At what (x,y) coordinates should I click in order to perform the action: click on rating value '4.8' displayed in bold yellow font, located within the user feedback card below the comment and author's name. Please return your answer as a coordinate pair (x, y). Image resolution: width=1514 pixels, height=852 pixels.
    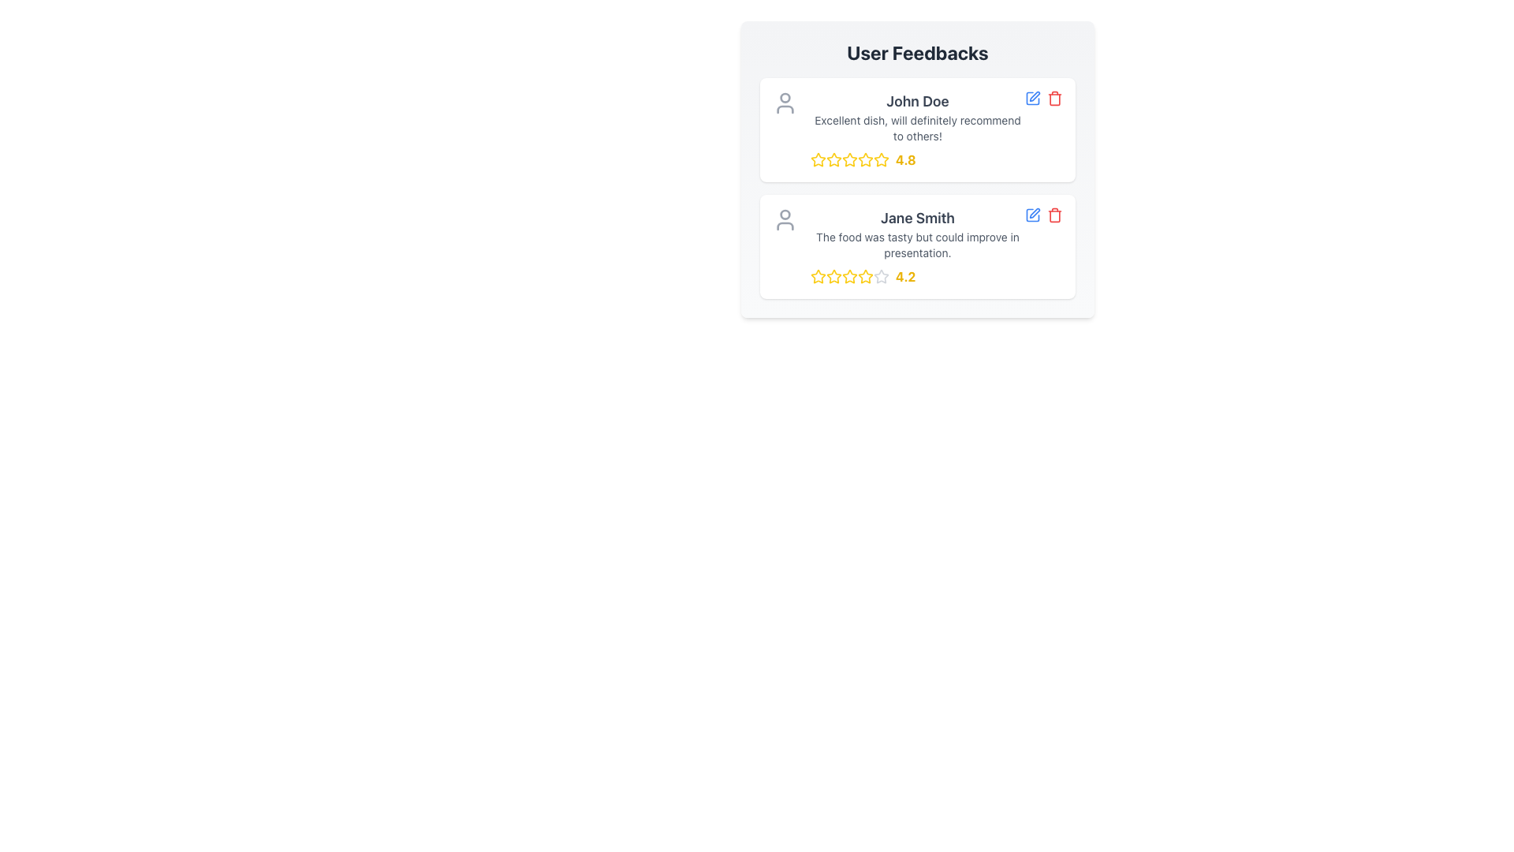
    Looking at the image, I should click on (917, 160).